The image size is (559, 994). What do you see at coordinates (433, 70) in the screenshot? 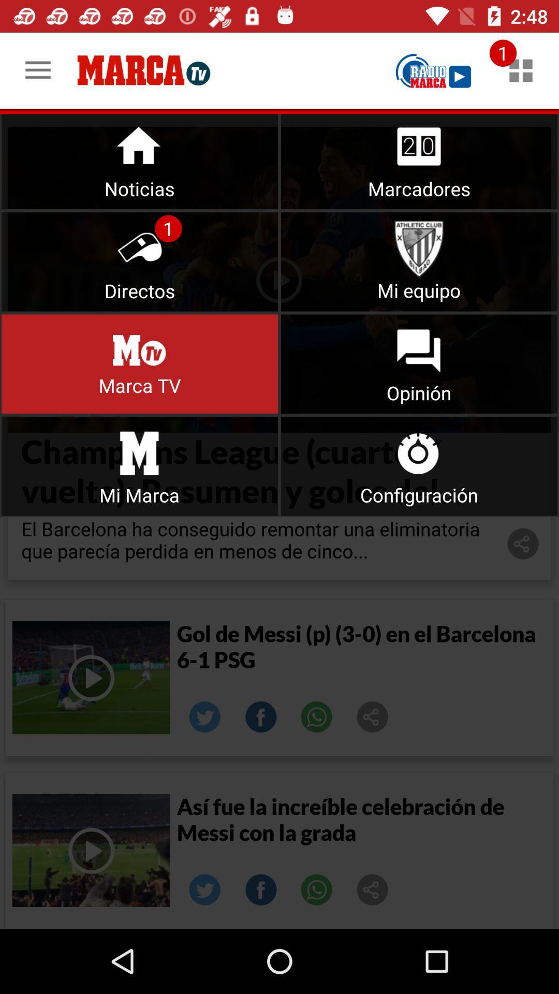
I see `play` at bounding box center [433, 70].